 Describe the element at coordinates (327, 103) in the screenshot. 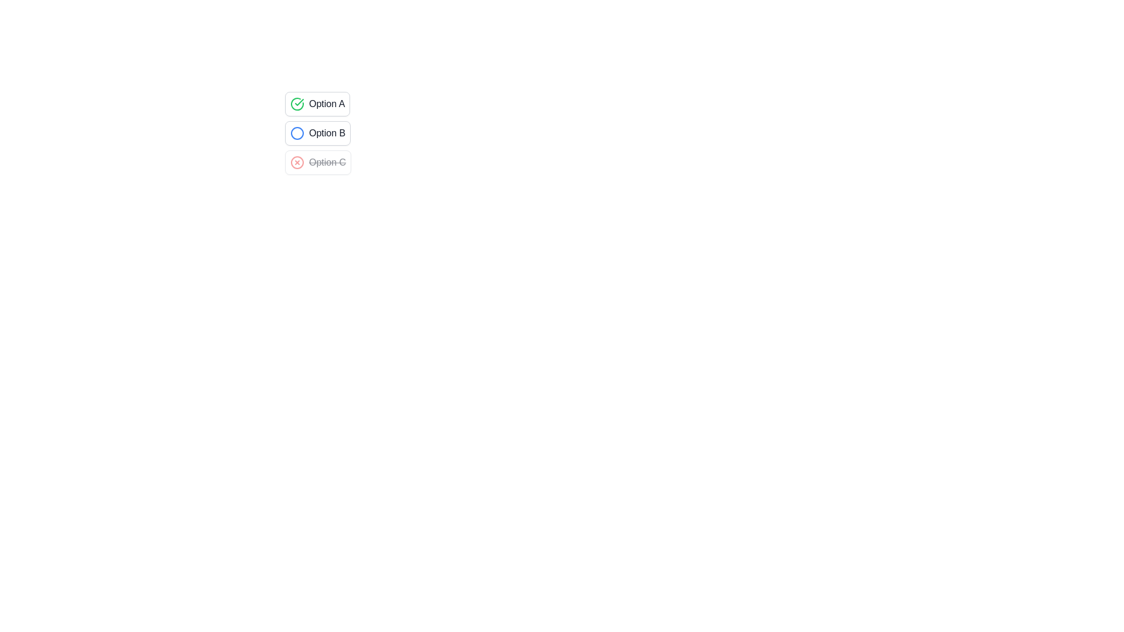

I see `the TextLabel displaying 'Option A', which is styled in dark gray and is part of a selection item with a green checkmark icon` at that location.